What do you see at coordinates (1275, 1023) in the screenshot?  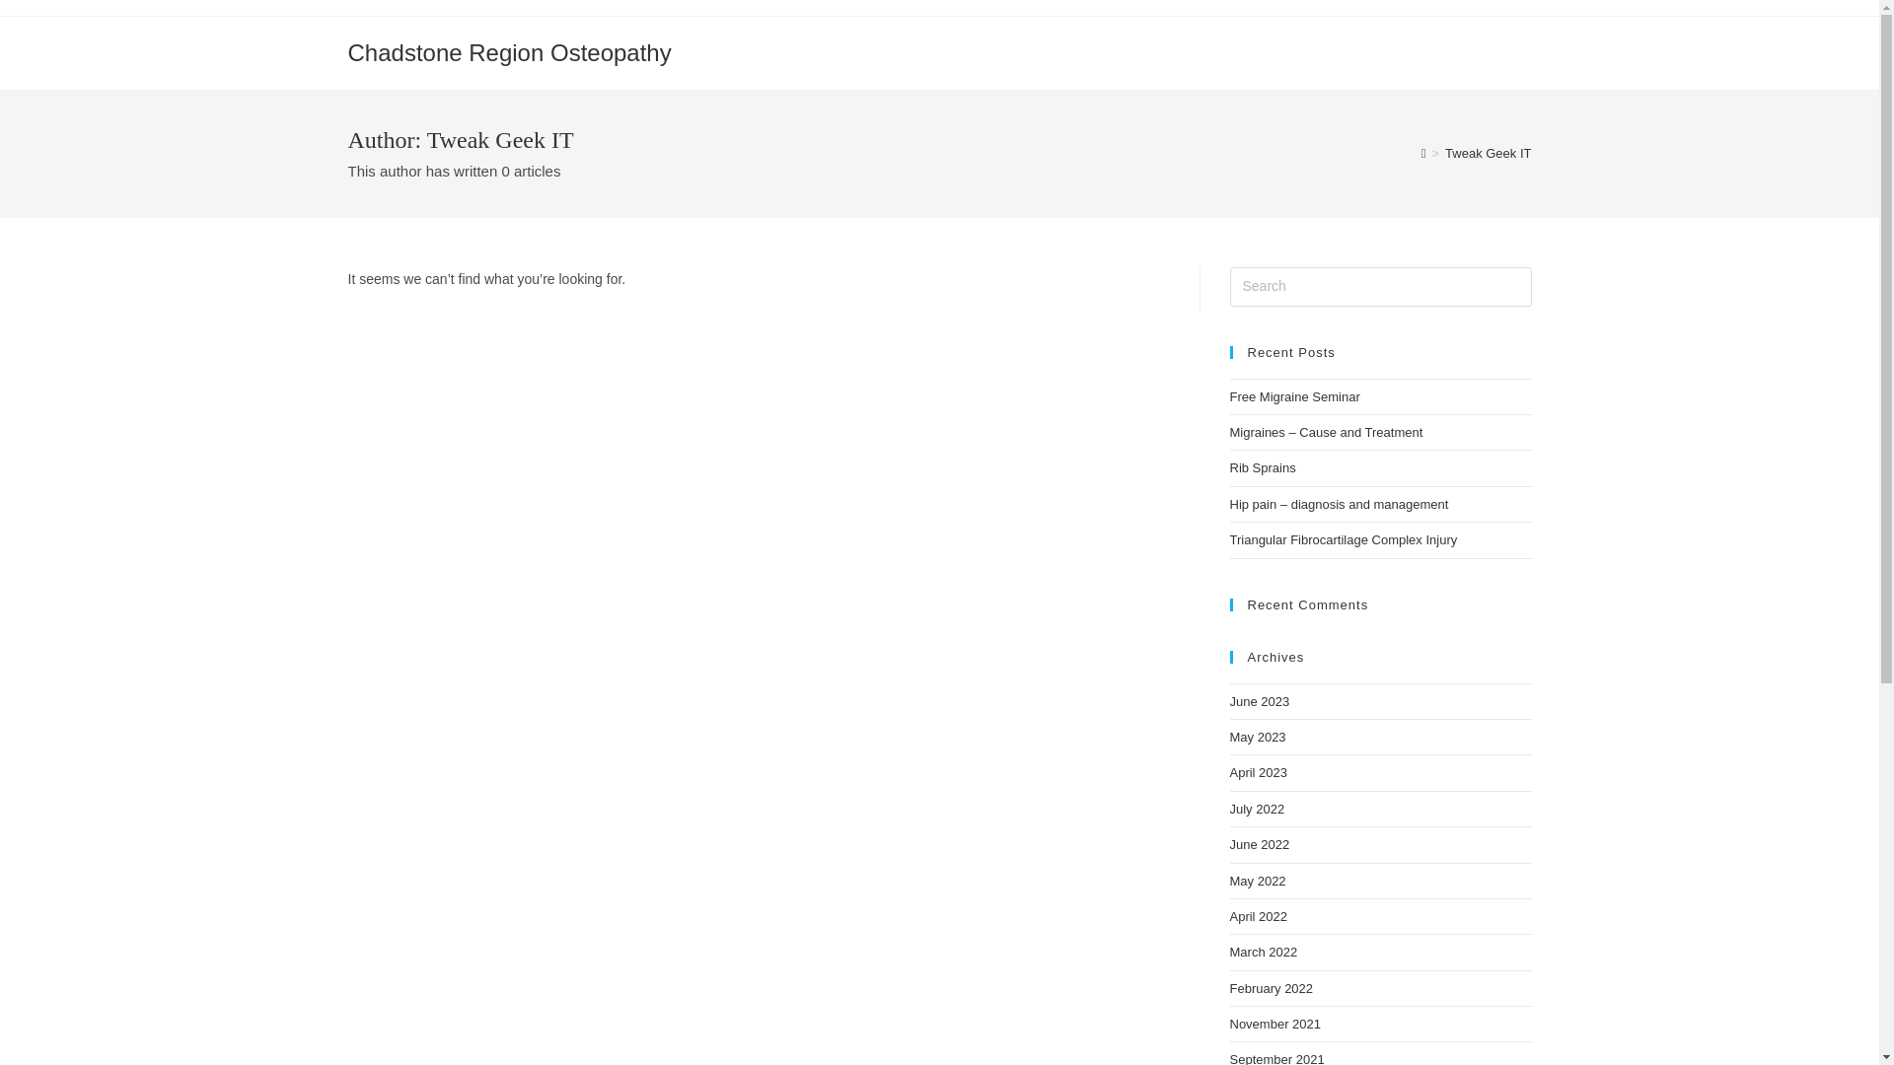 I see `'November 2021'` at bounding box center [1275, 1023].